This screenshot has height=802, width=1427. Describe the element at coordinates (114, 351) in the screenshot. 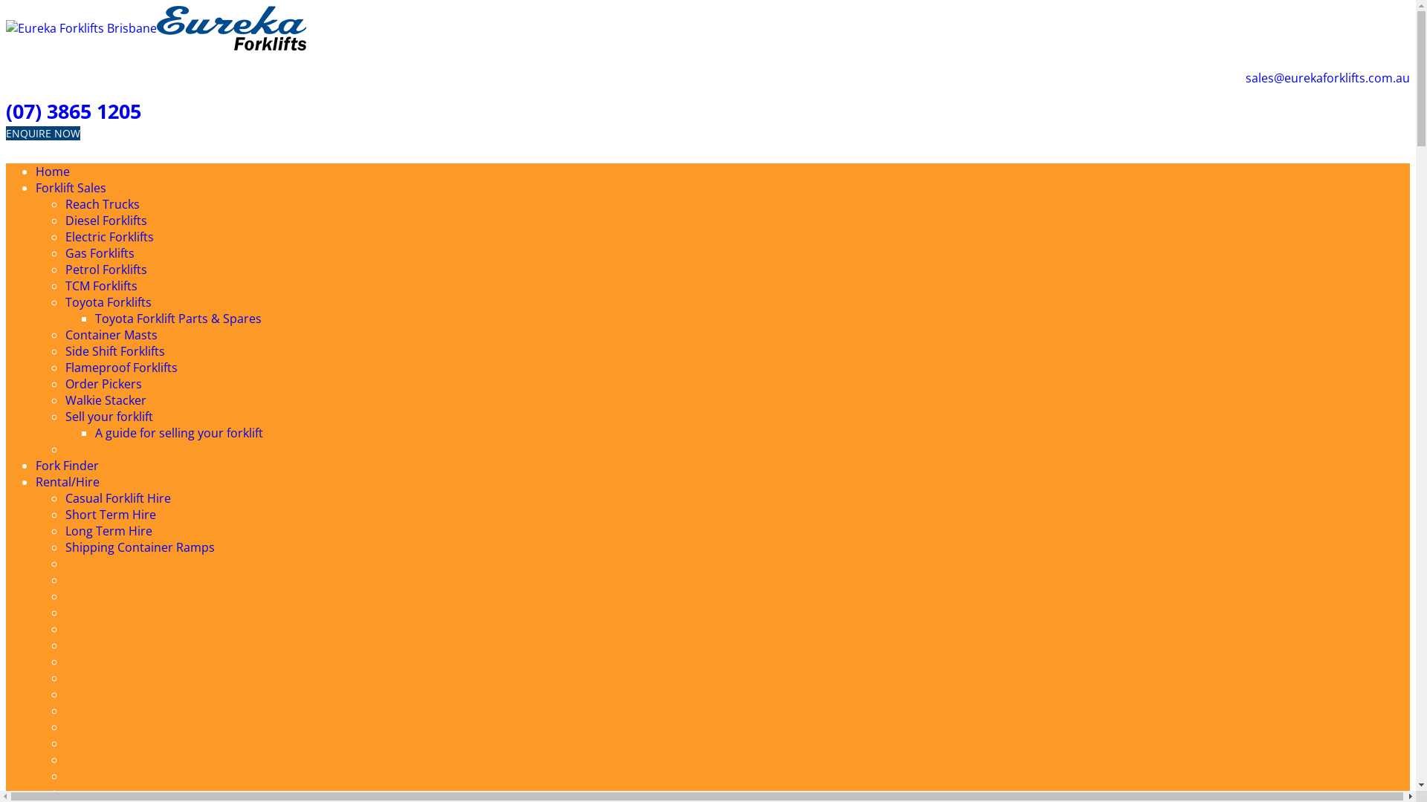

I see `'Side Shift Forklifts'` at that location.